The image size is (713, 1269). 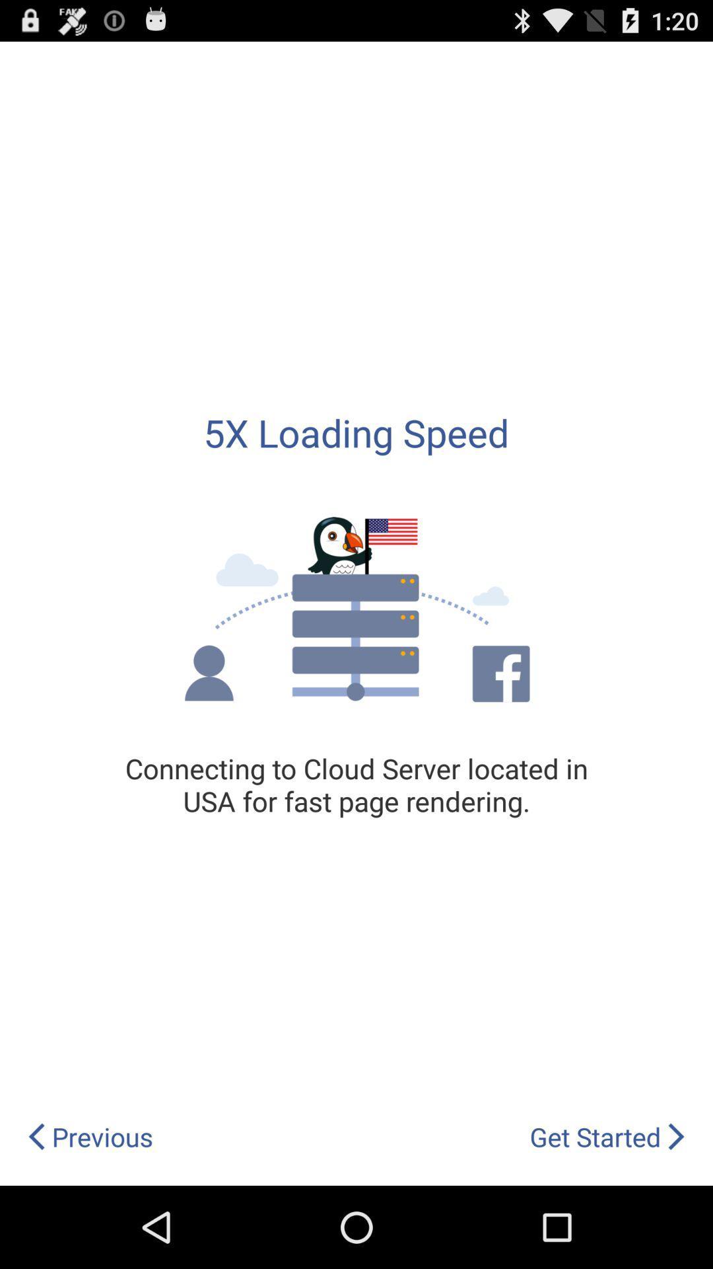 What do you see at coordinates (607, 1136) in the screenshot?
I see `app below the connecting to cloud icon` at bounding box center [607, 1136].